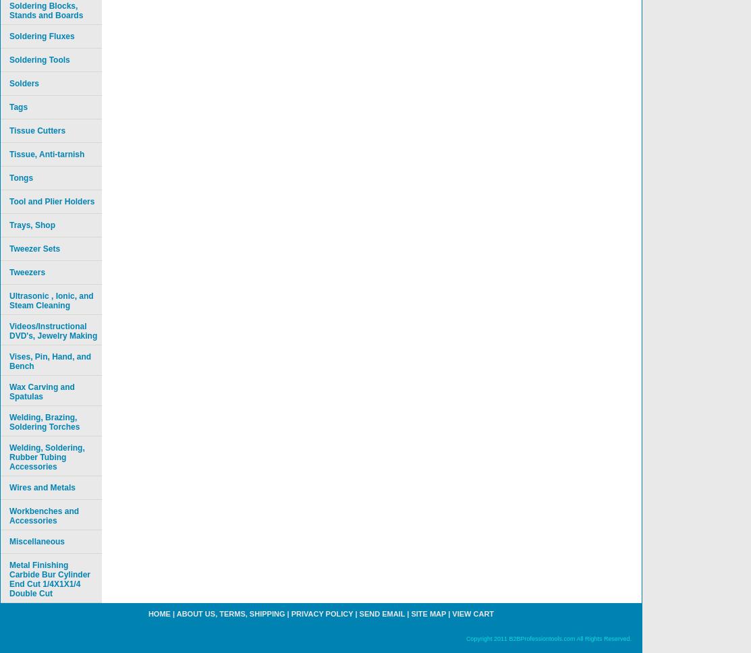 The height and width of the screenshot is (653, 751). What do you see at coordinates (37, 130) in the screenshot?
I see `'Tissue Cutters'` at bounding box center [37, 130].